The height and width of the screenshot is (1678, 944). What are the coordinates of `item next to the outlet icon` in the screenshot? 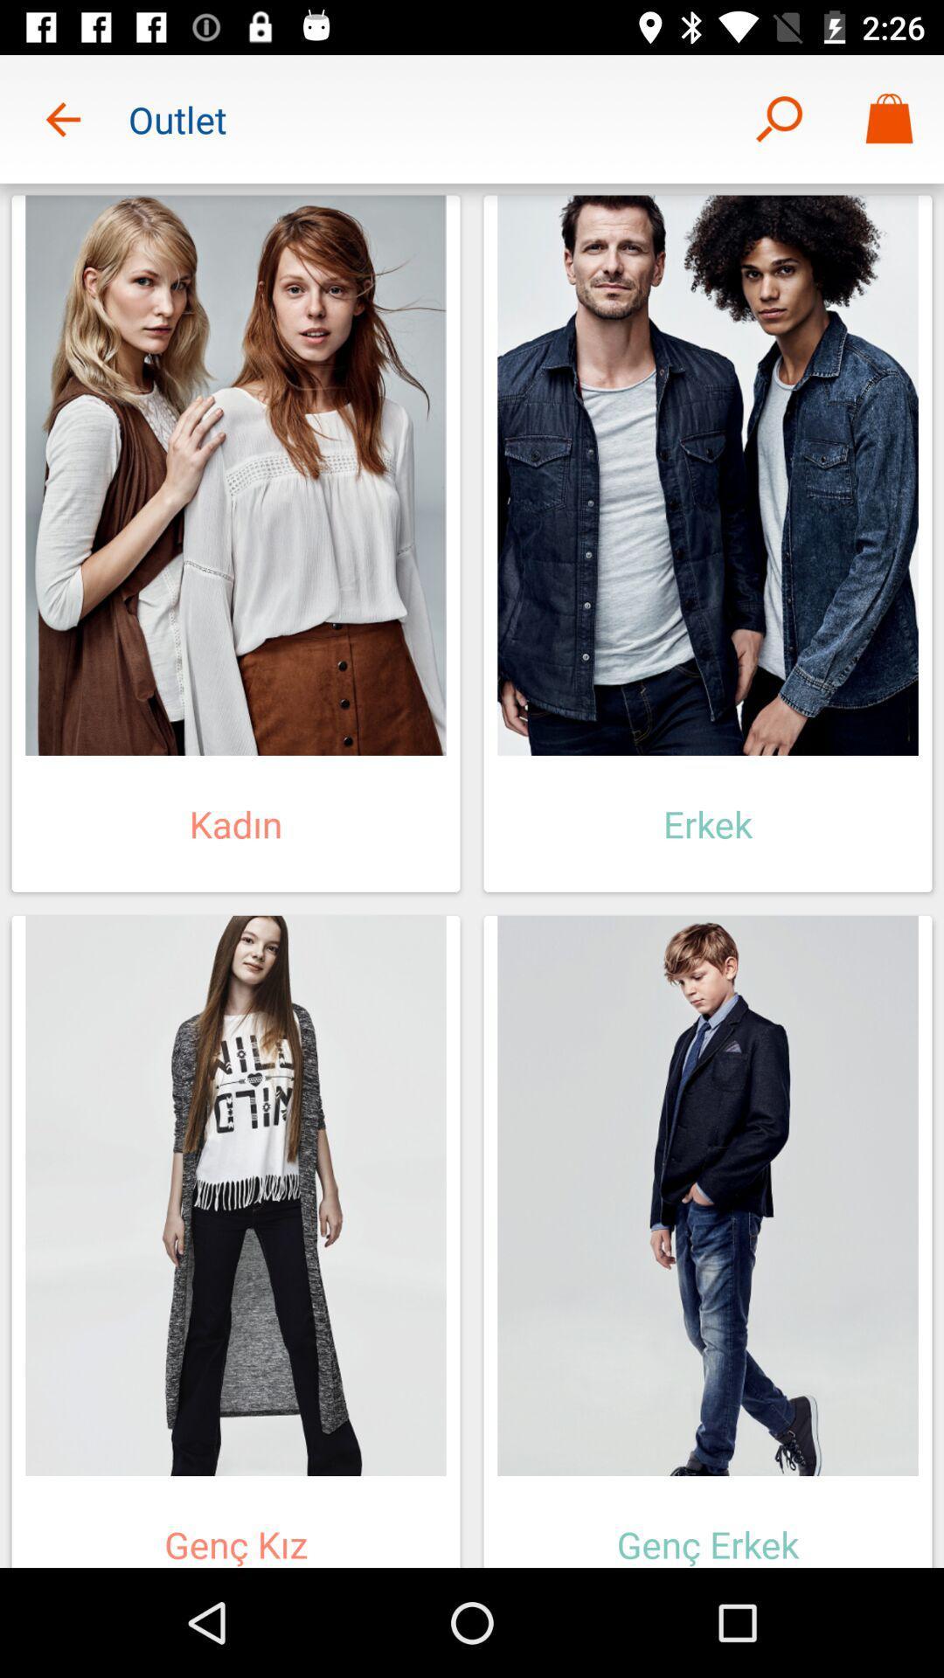 It's located at (778, 118).